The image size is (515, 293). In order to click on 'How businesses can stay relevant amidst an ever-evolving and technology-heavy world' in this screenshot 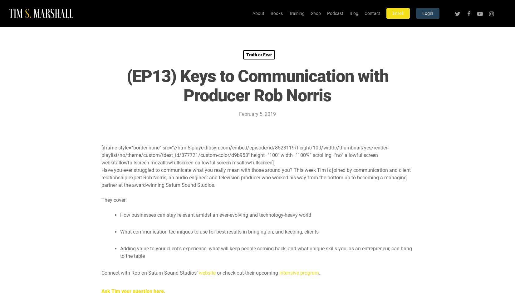, I will do `click(215, 215)`.